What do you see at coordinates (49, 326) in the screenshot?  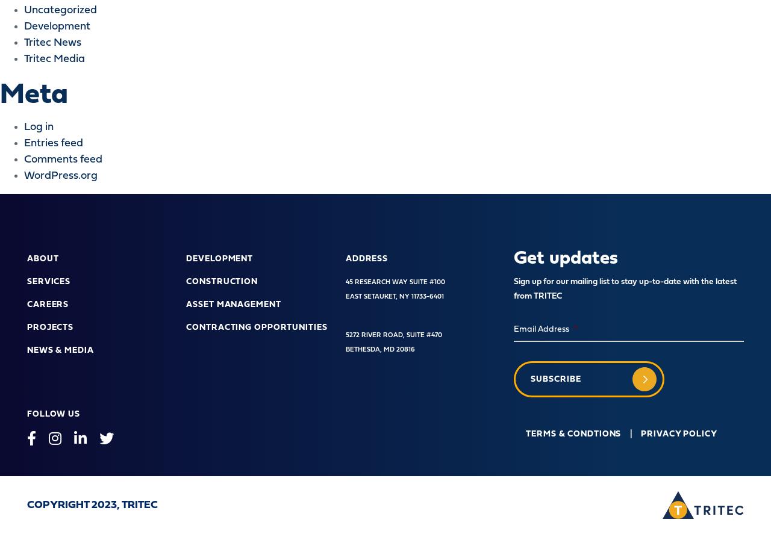 I see `'Projects'` at bounding box center [49, 326].